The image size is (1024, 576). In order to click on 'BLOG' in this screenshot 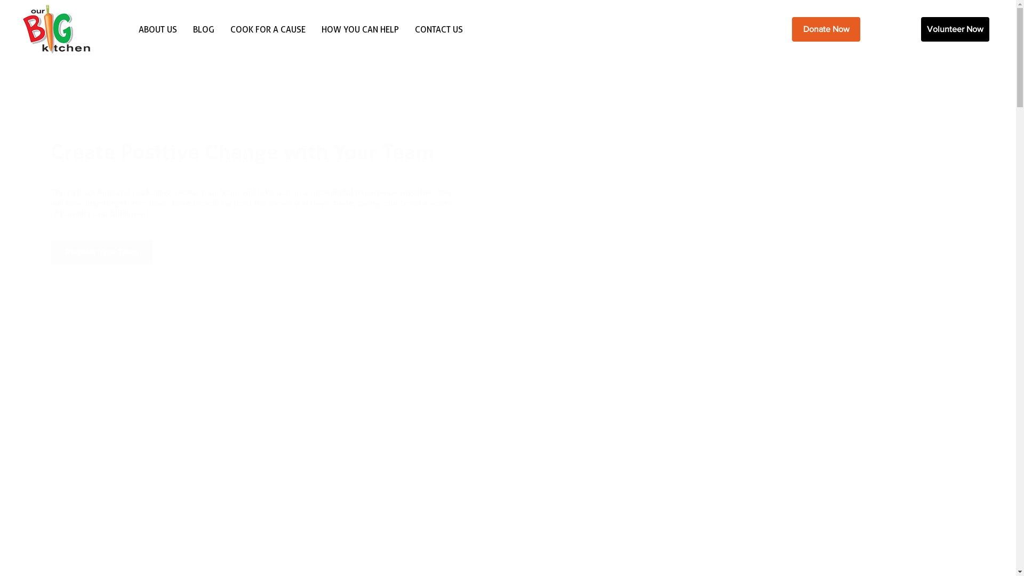, I will do `click(204, 28)`.